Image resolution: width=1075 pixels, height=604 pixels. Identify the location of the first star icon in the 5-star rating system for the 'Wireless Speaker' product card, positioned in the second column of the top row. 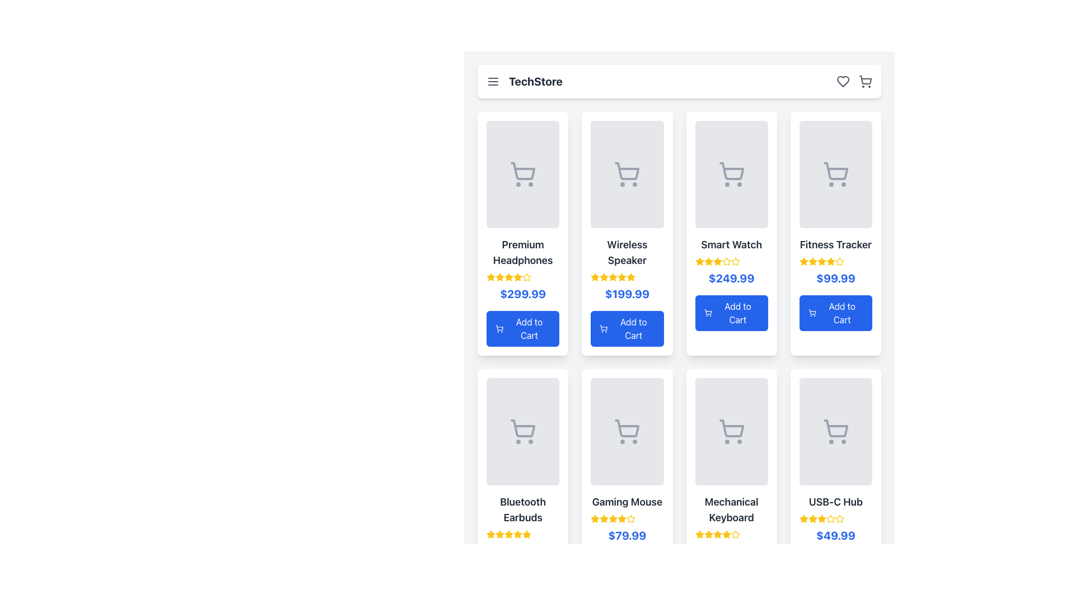
(621, 277).